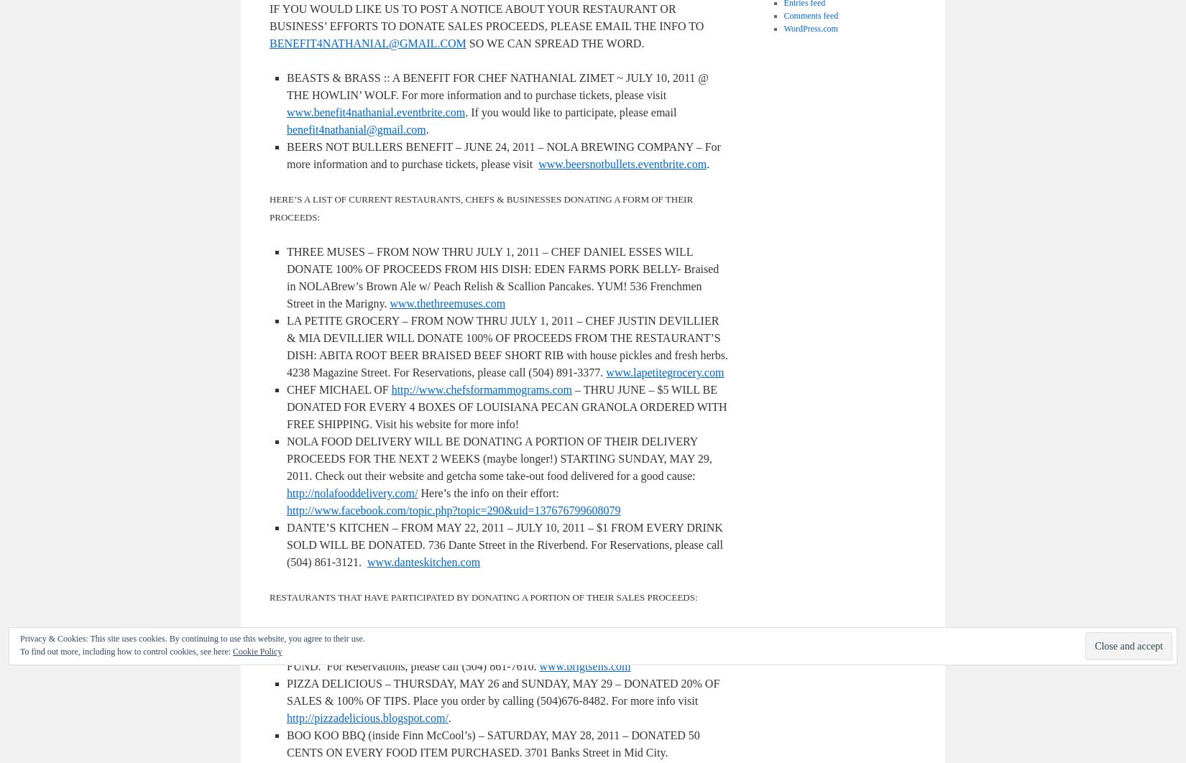  Describe the element at coordinates (487, 493) in the screenshot. I see `'Here’s the info on their effort:'` at that location.